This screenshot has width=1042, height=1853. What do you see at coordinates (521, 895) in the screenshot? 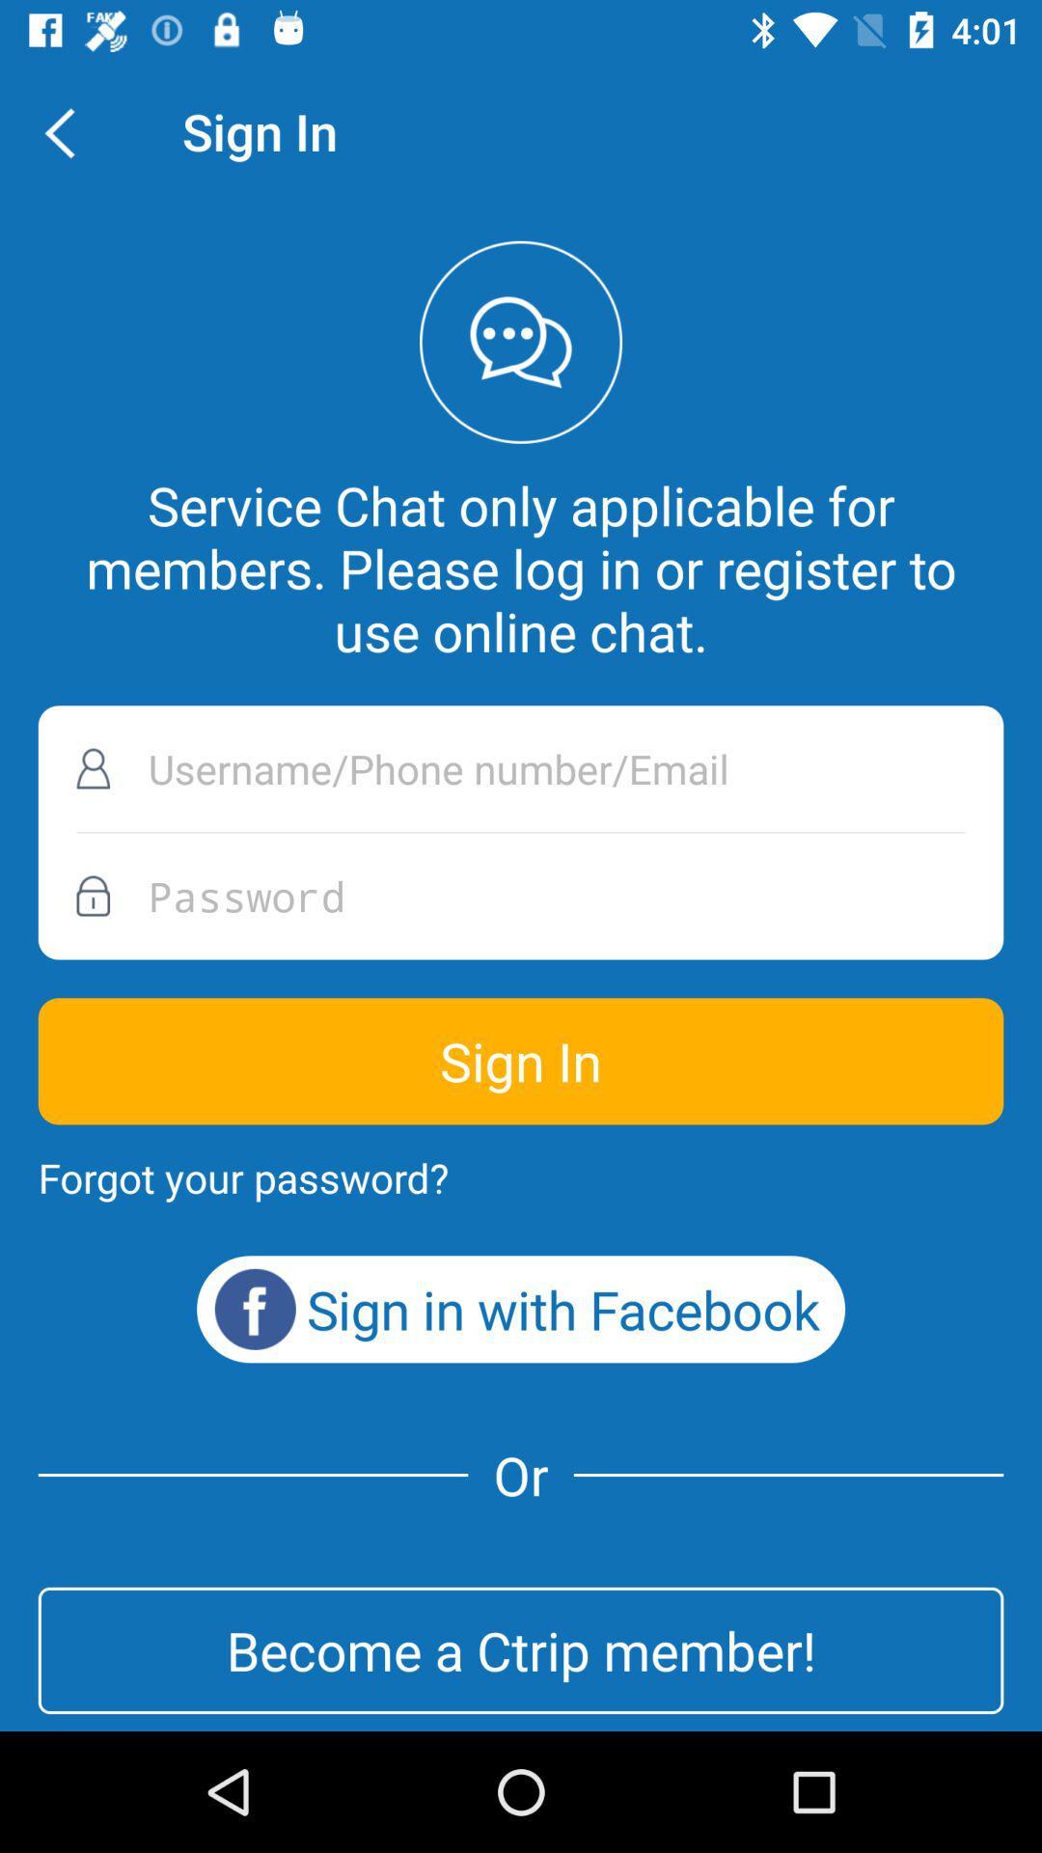
I see `the icon above the sign in icon` at bounding box center [521, 895].